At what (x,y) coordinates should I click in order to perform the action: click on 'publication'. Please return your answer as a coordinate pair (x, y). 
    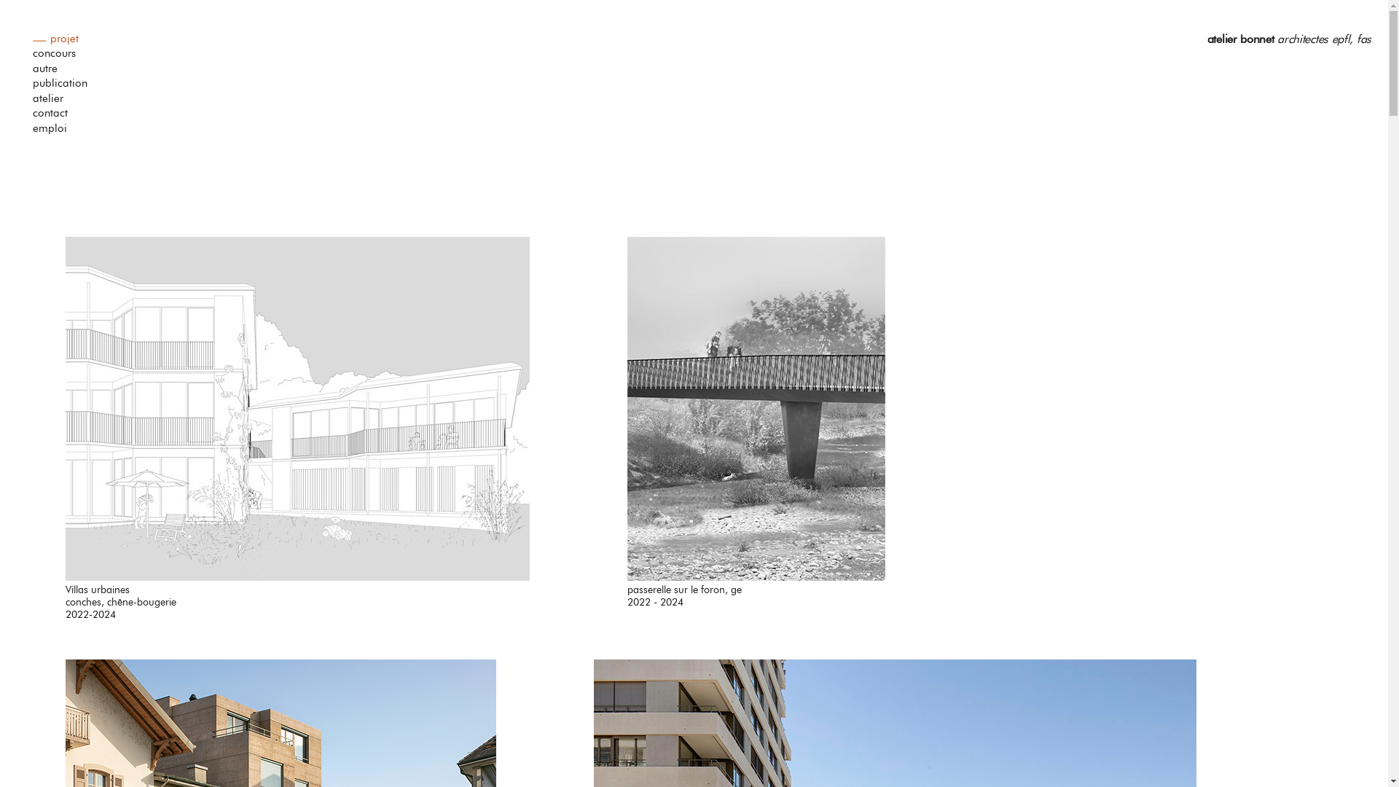
    Looking at the image, I should click on (68, 84).